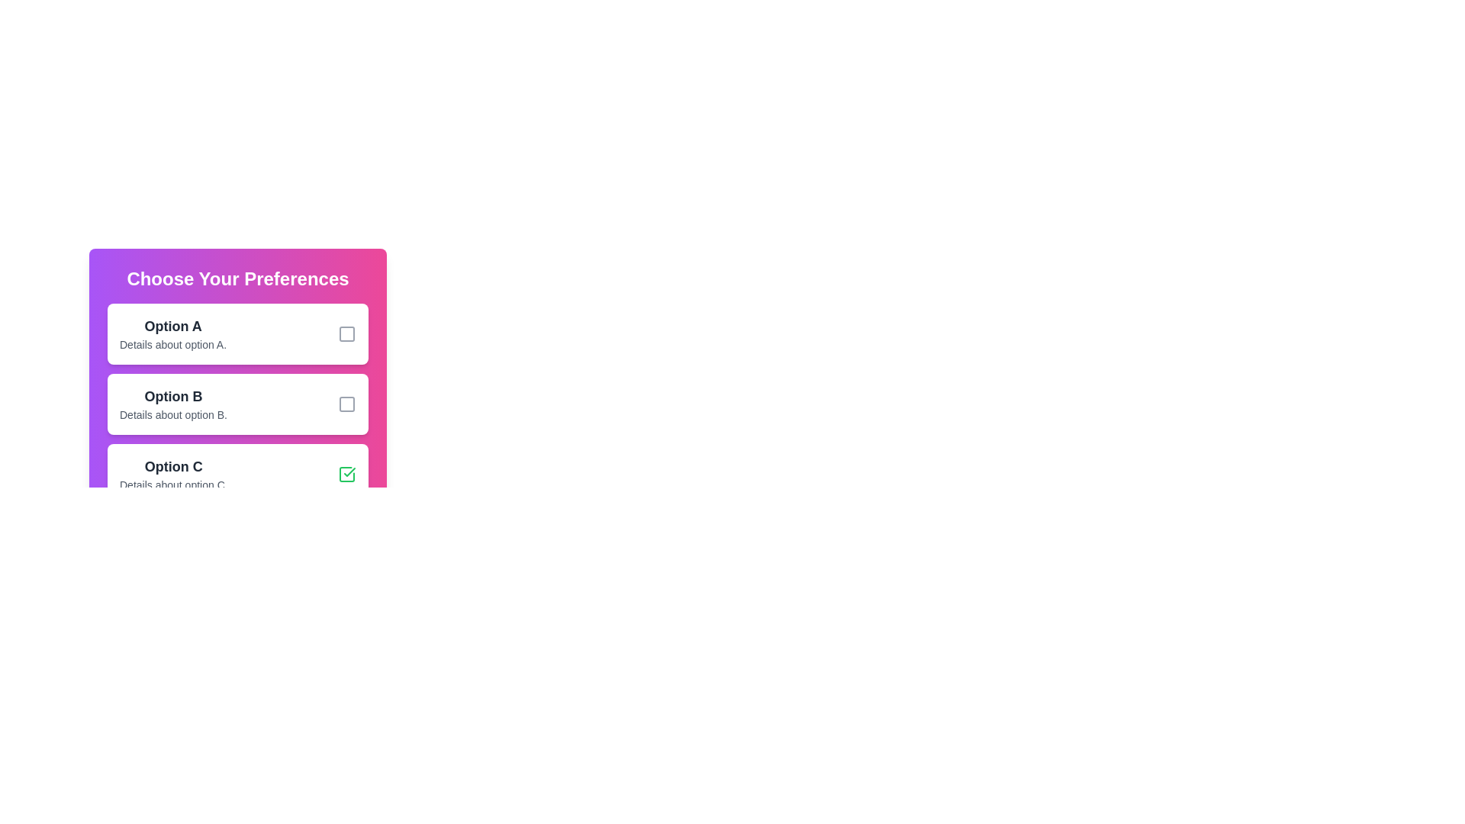 This screenshot has height=824, width=1465. I want to click on the text label that reads 'Details about option B.' which is located under the bold title 'Option B', so click(173, 414).